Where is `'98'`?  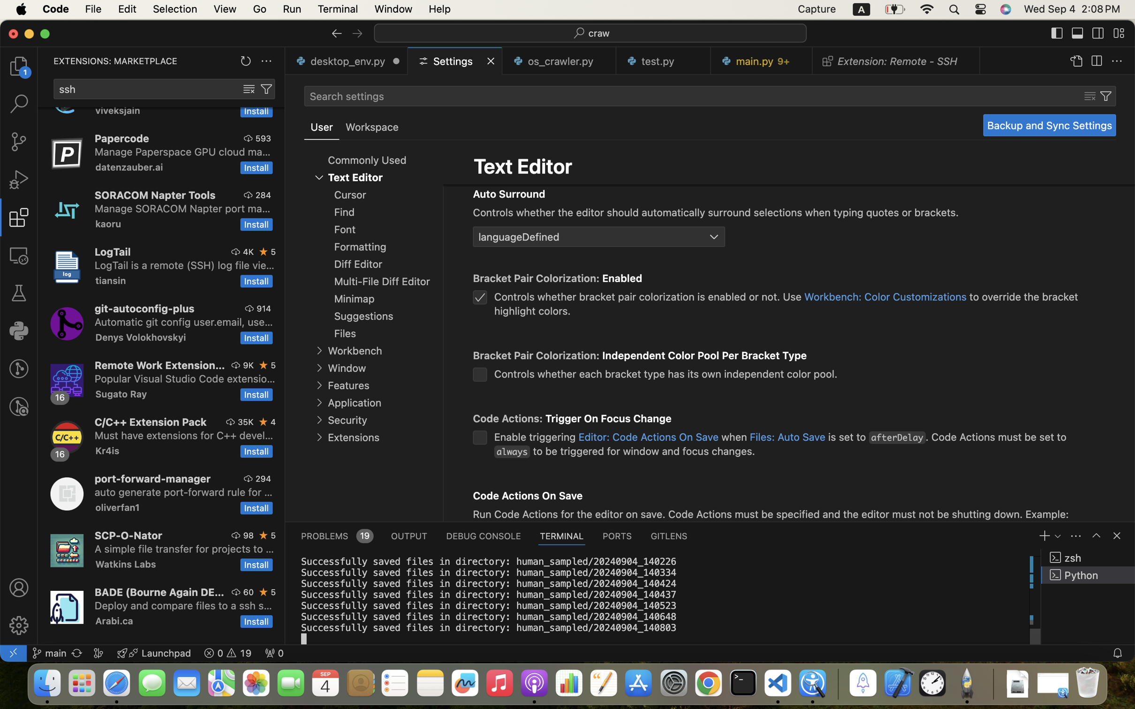
'98' is located at coordinates (248, 535).